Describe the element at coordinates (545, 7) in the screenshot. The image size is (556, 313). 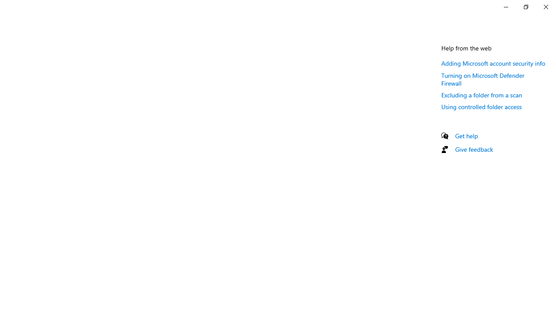
I see `'Close Settings'` at that location.